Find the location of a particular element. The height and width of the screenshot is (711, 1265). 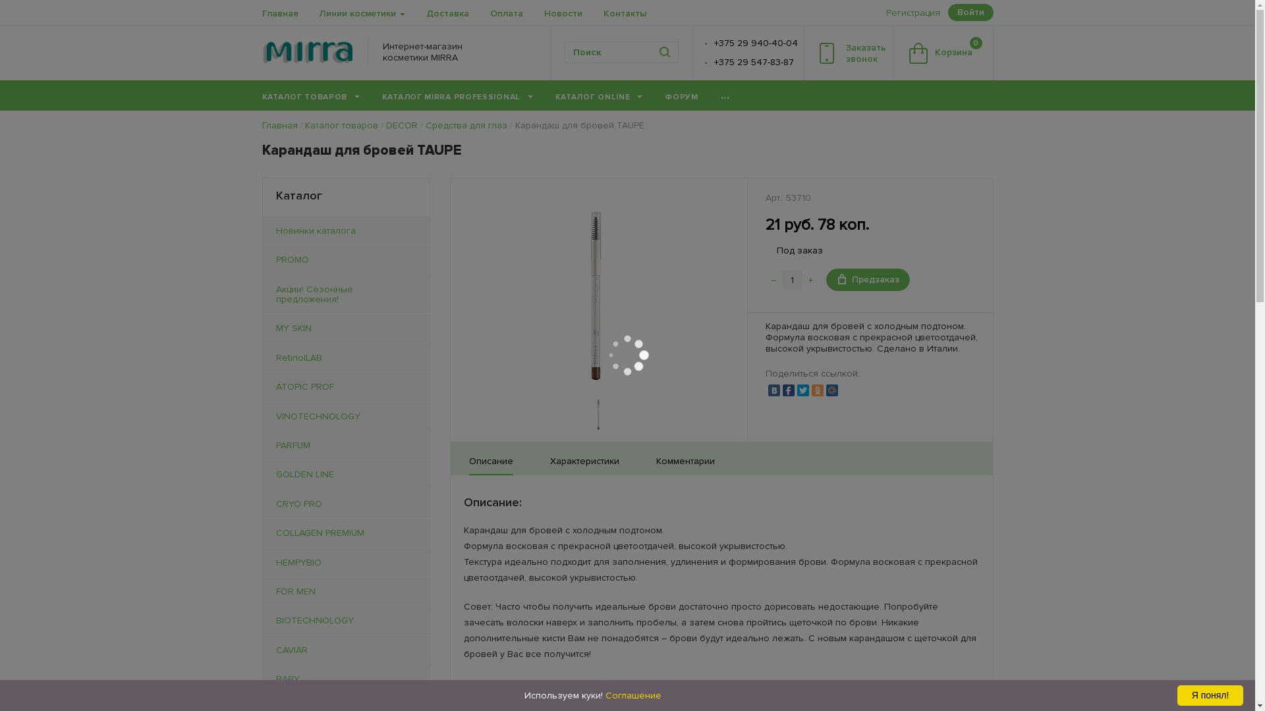

'+375 29 547-83-87' is located at coordinates (754, 62).